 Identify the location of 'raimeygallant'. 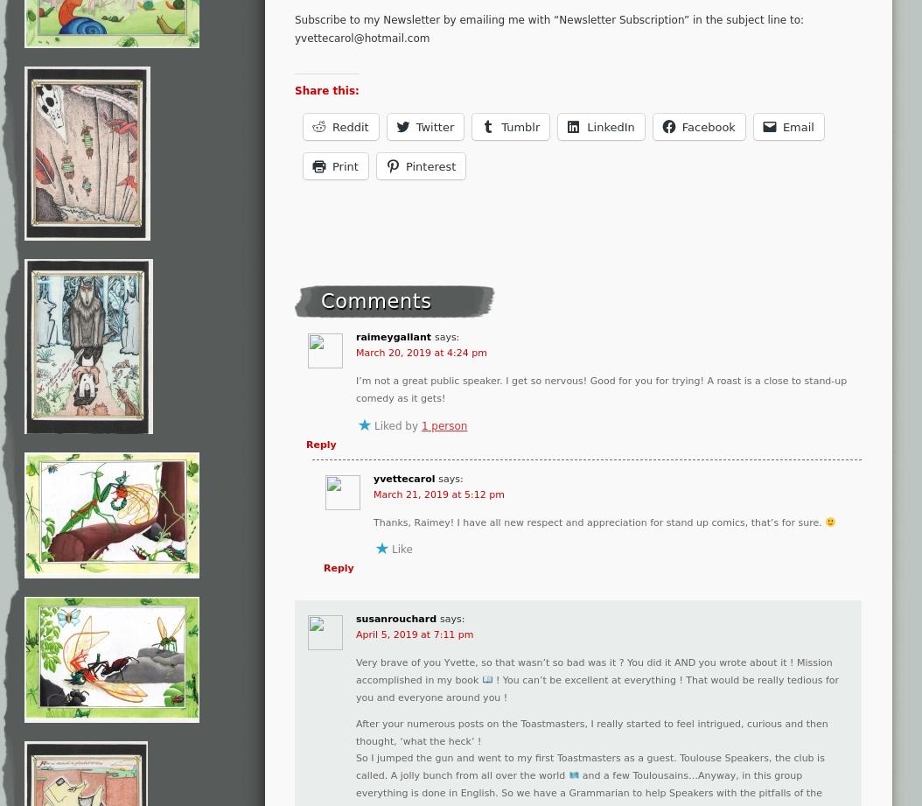
(354, 337).